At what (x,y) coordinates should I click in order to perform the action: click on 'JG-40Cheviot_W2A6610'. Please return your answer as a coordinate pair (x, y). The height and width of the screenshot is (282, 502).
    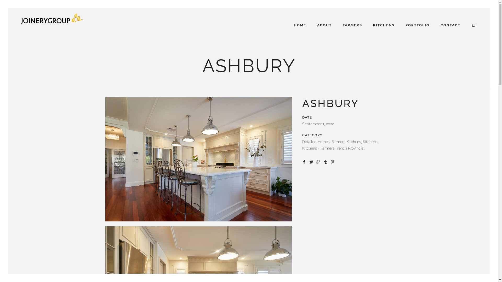
    Looking at the image, I should click on (198, 159).